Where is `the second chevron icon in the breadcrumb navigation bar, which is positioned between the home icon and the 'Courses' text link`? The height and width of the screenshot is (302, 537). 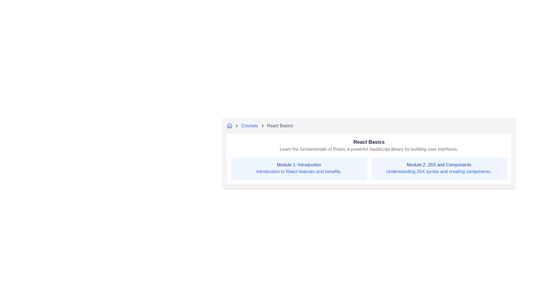 the second chevron icon in the breadcrumb navigation bar, which is positioned between the home icon and the 'Courses' text link is located at coordinates (237, 126).